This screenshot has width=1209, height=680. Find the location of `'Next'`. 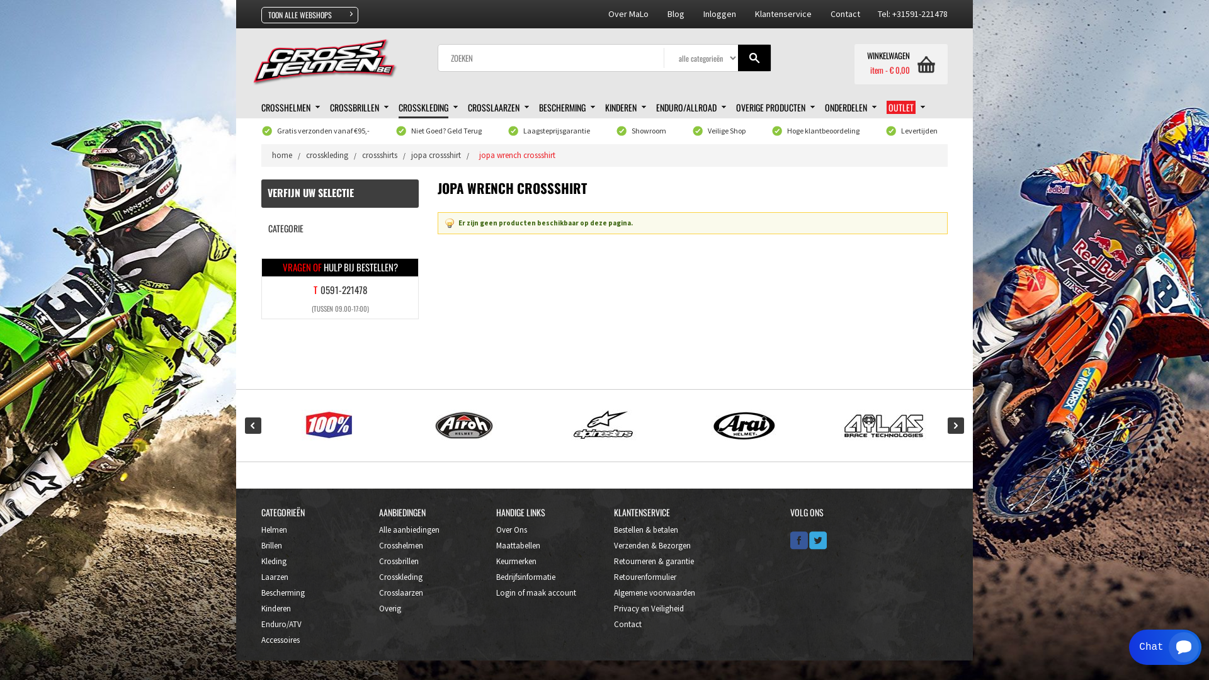

'Next' is located at coordinates (948, 425).